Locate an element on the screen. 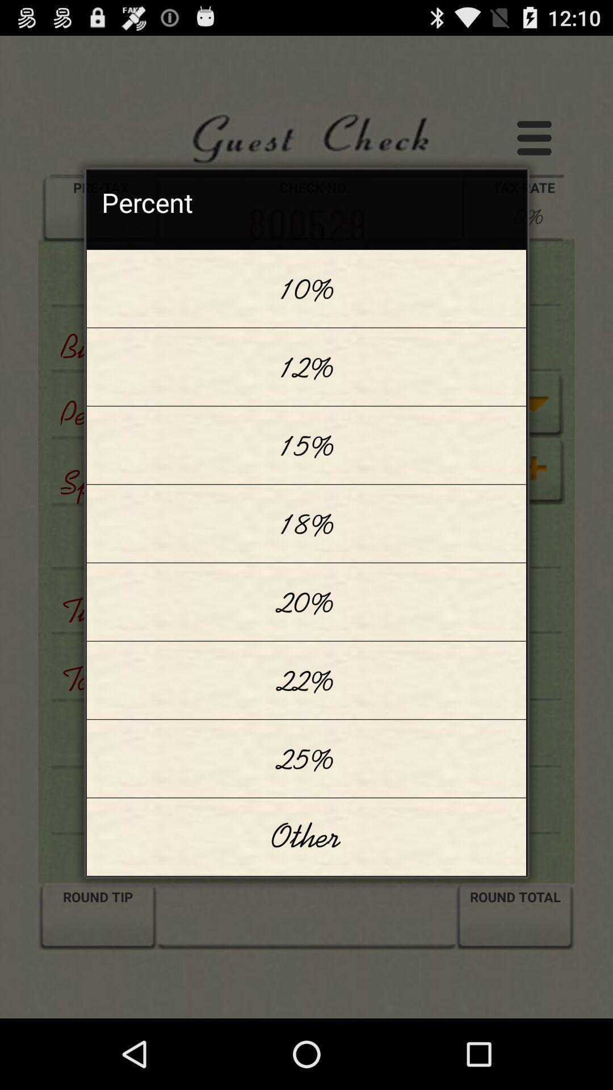 The height and width of the screenshot is (1090, 613). the 22% icon is located at coordinates (306, 680).